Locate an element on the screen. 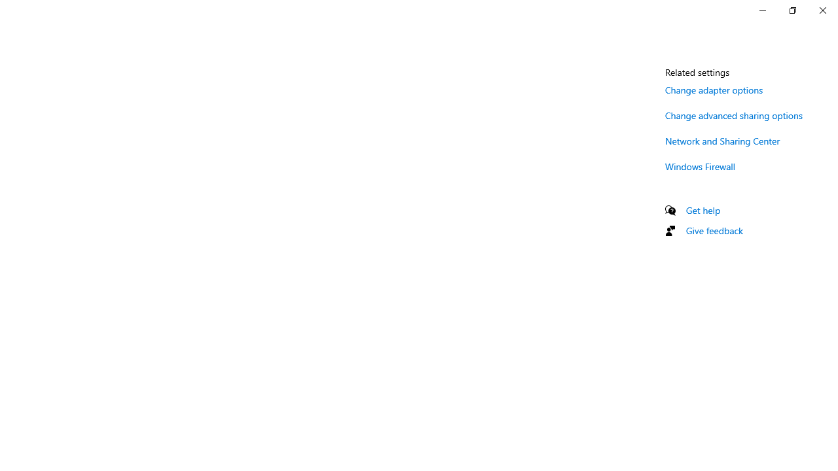 The image size is (838, 471). 'Get help' is located at coordinates (702, 209).